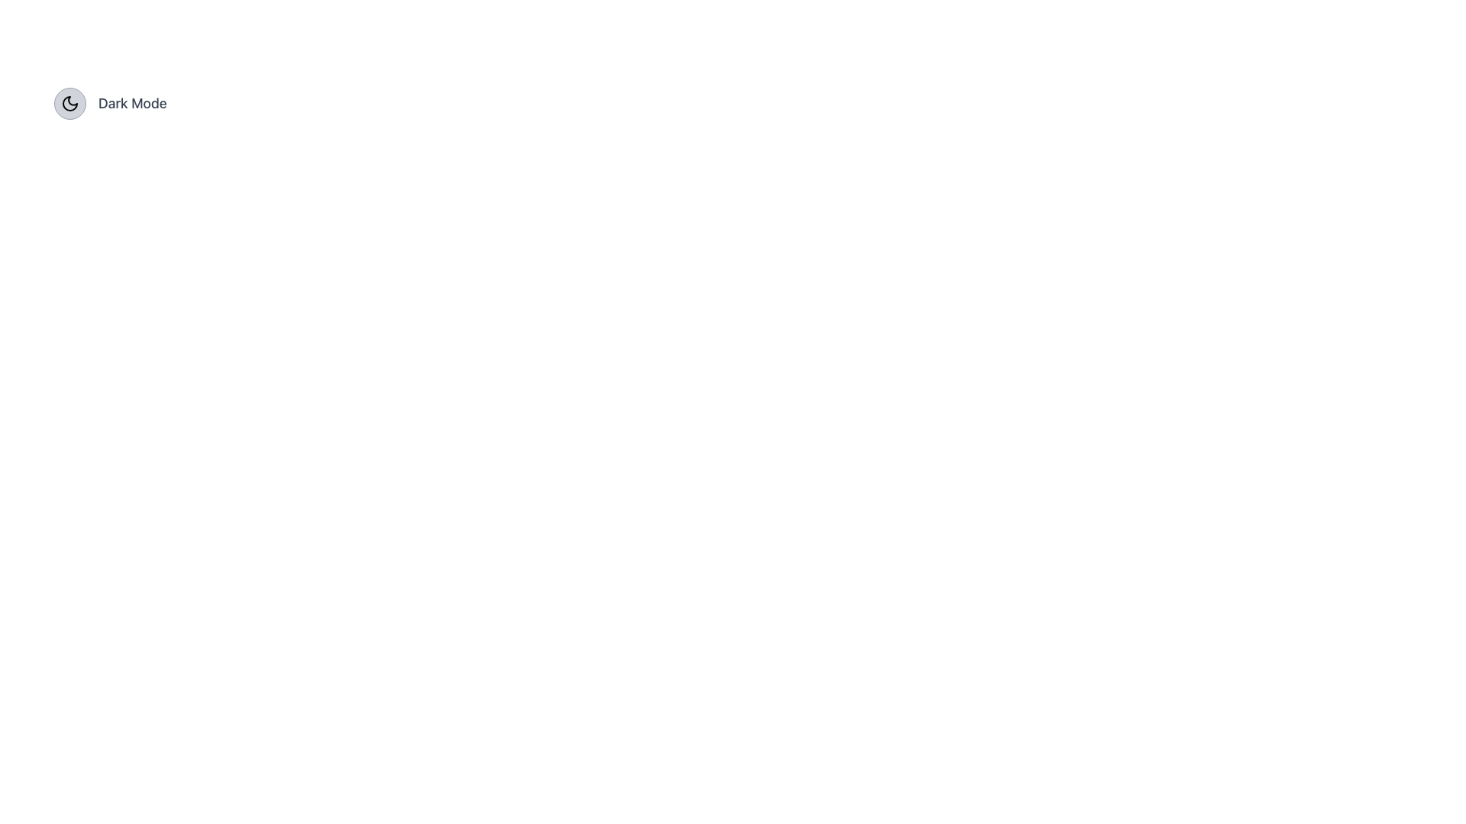 The image size is (1466, 824). What do you see at coordinates (132, 103) in the screenshot?
I see `the text label displaying 'Dark Mode' which is located to the right of a moon icon in a button-like structure` at bounding box center [132, 103].